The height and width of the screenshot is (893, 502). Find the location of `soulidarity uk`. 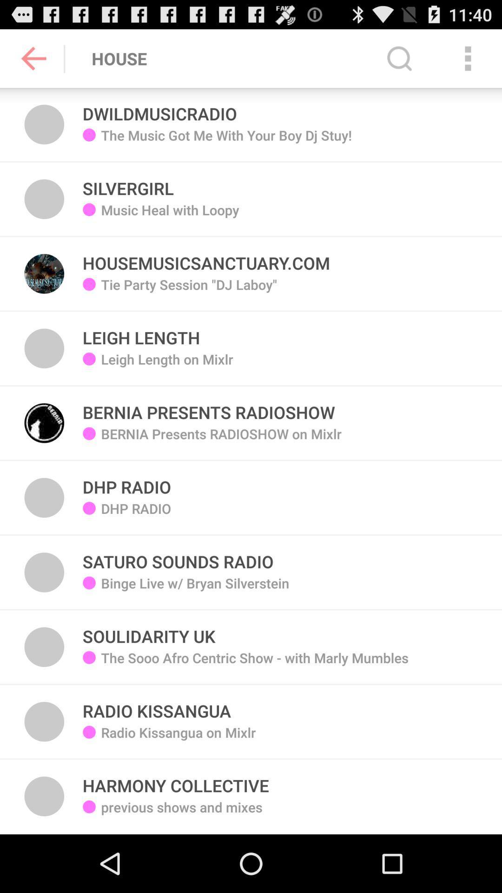

soulidarity uk is located at coordinates (148, 631).